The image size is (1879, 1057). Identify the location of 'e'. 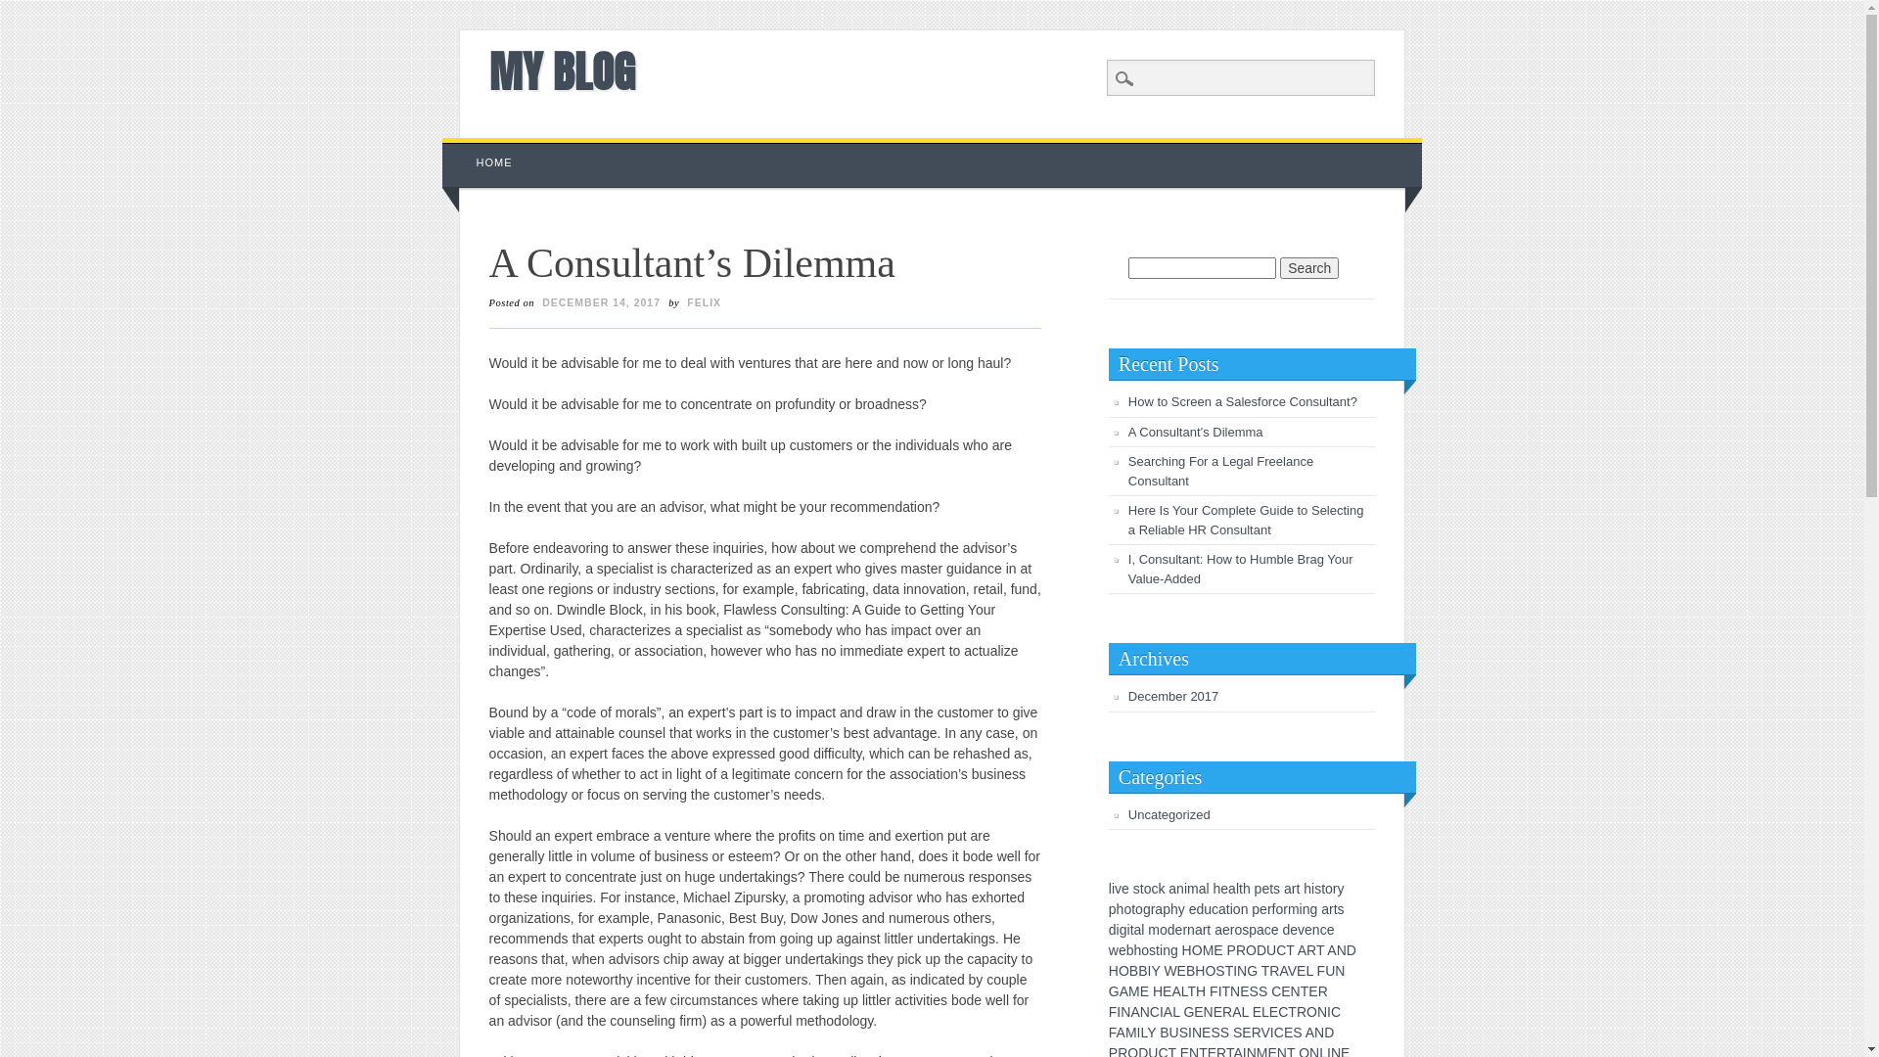
(1224, 928).